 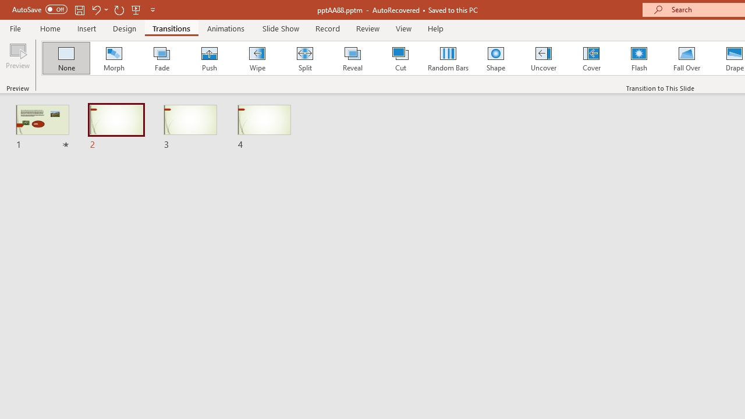 I want to click on 'Wipe', so click(x=256, y=58).